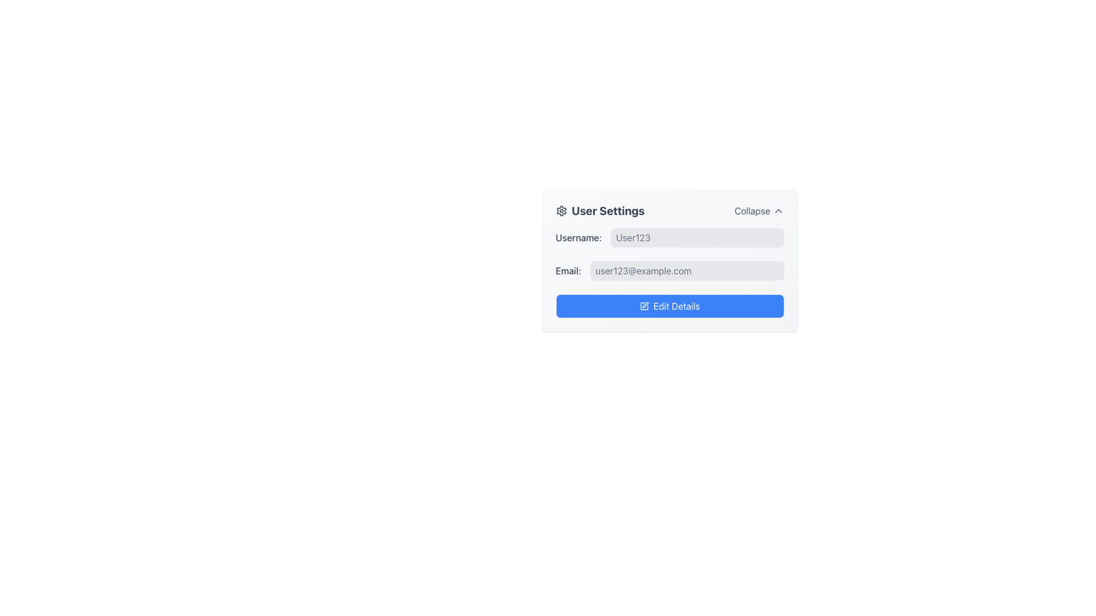  What do you see at coordinates (686, 270) in the screenshot?
I see `read-only text input field displaying the user's email address located in the 'User Settings' dialog box, to check its current value` at bounding box center [686, 270].